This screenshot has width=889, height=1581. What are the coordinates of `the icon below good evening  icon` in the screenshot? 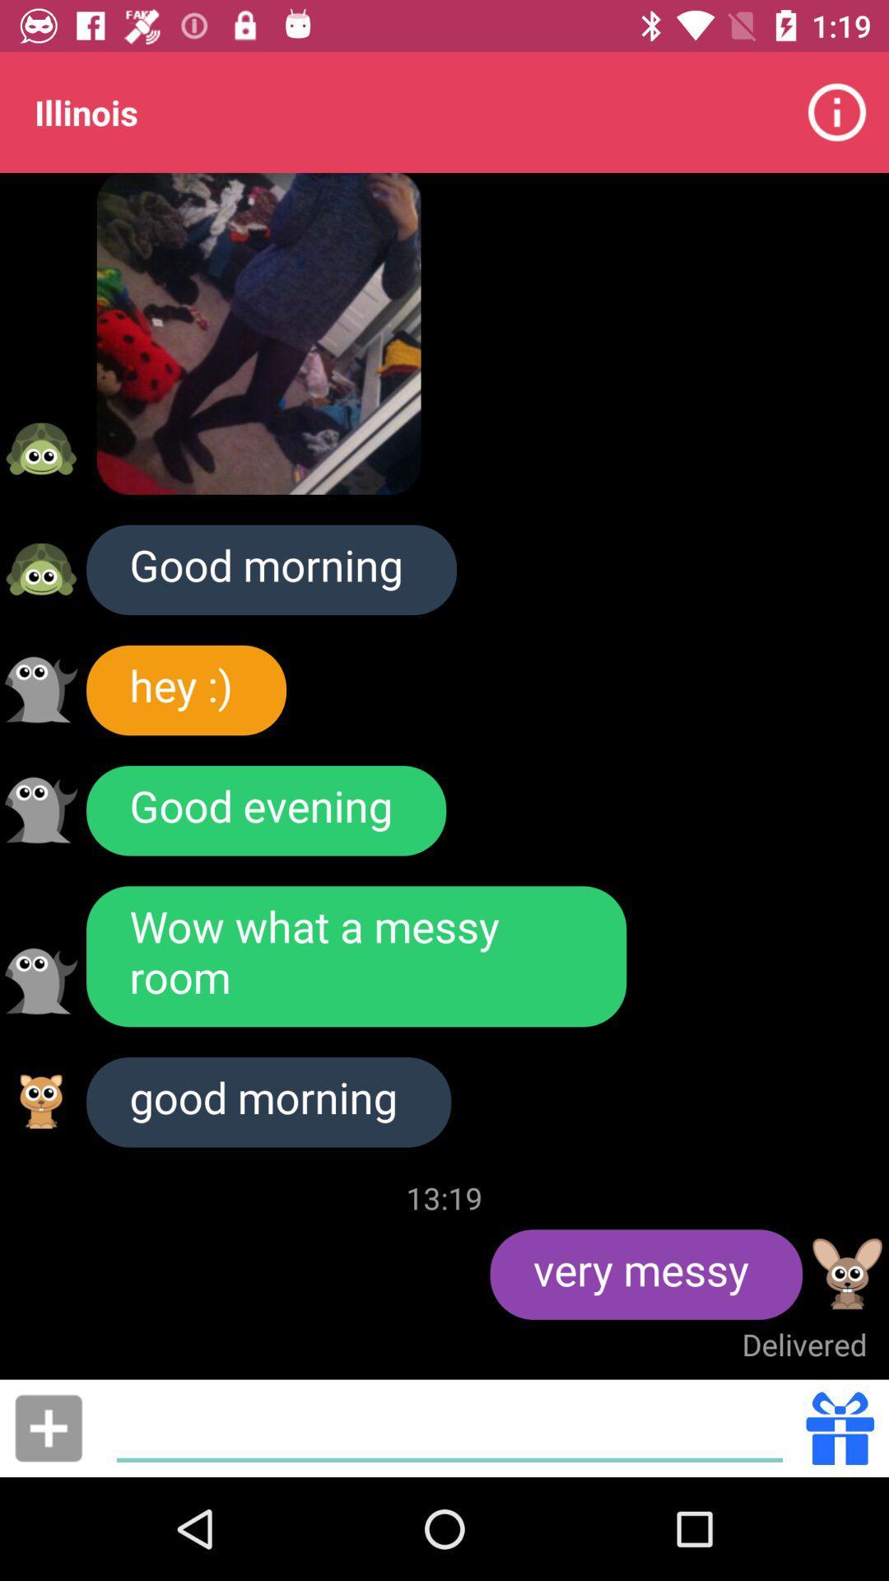 It's located at (356, 956).